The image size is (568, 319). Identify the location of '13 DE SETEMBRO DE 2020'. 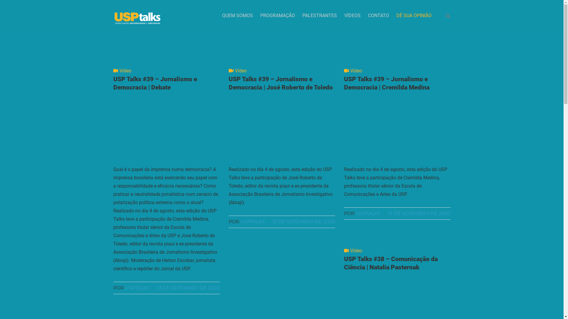
(188, 287).